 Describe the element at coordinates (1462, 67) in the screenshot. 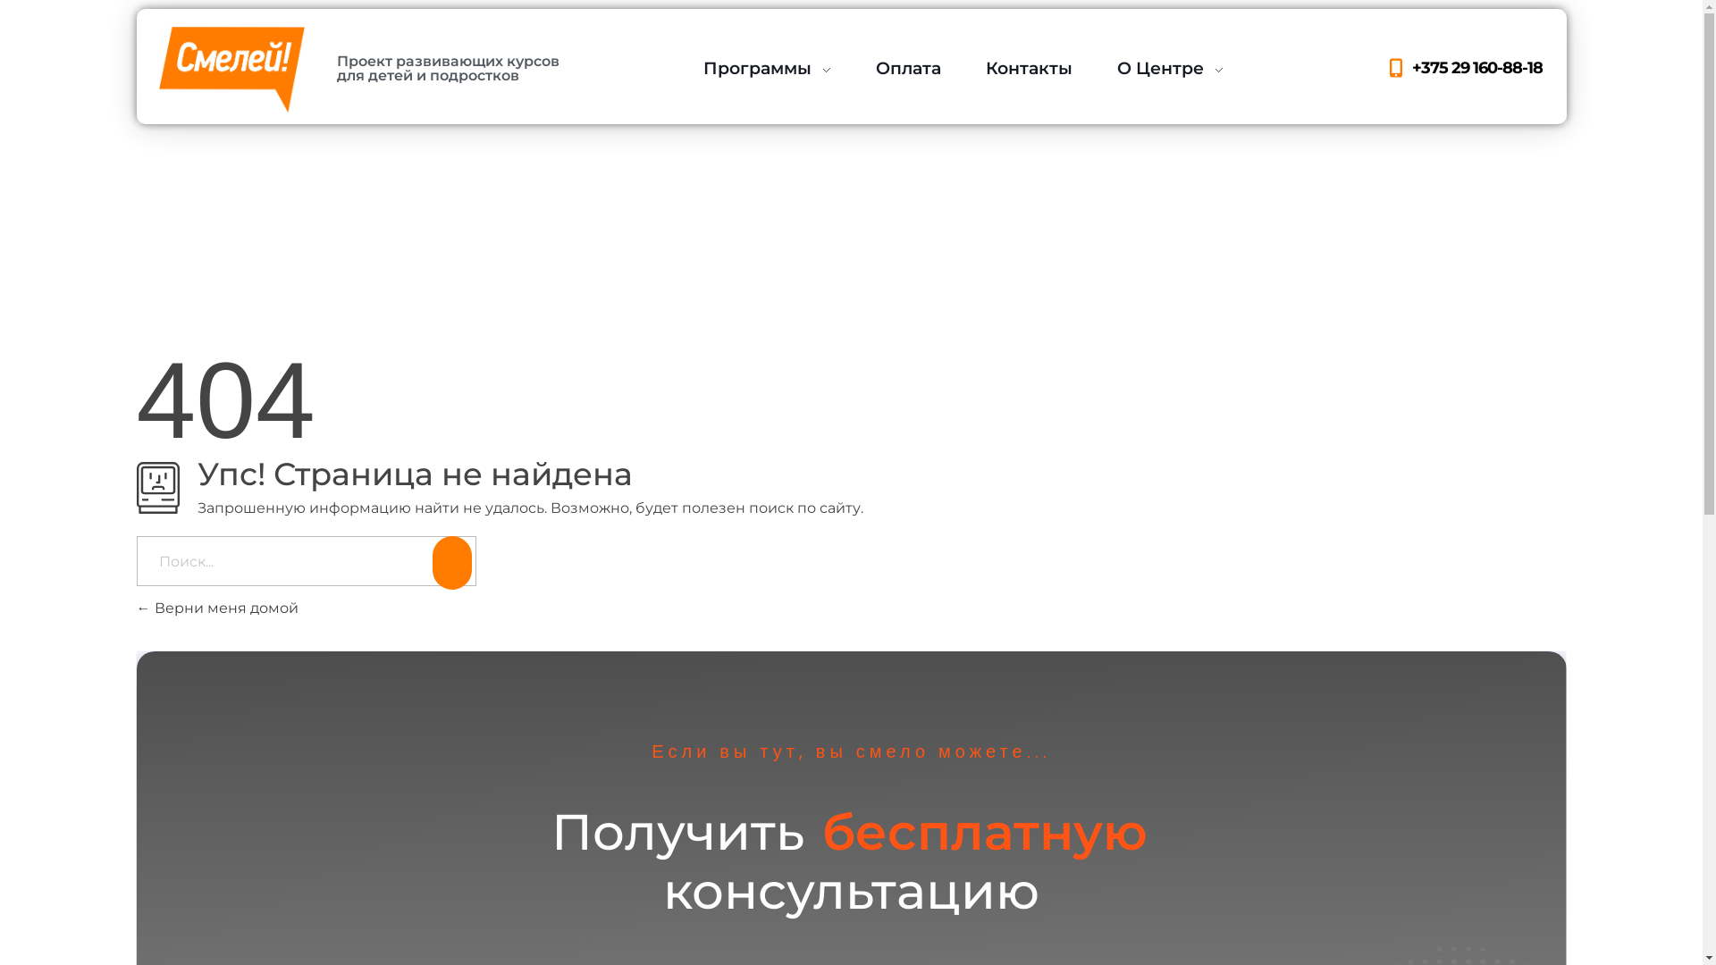

I see `'+375 29 160-88-18'` at that location.